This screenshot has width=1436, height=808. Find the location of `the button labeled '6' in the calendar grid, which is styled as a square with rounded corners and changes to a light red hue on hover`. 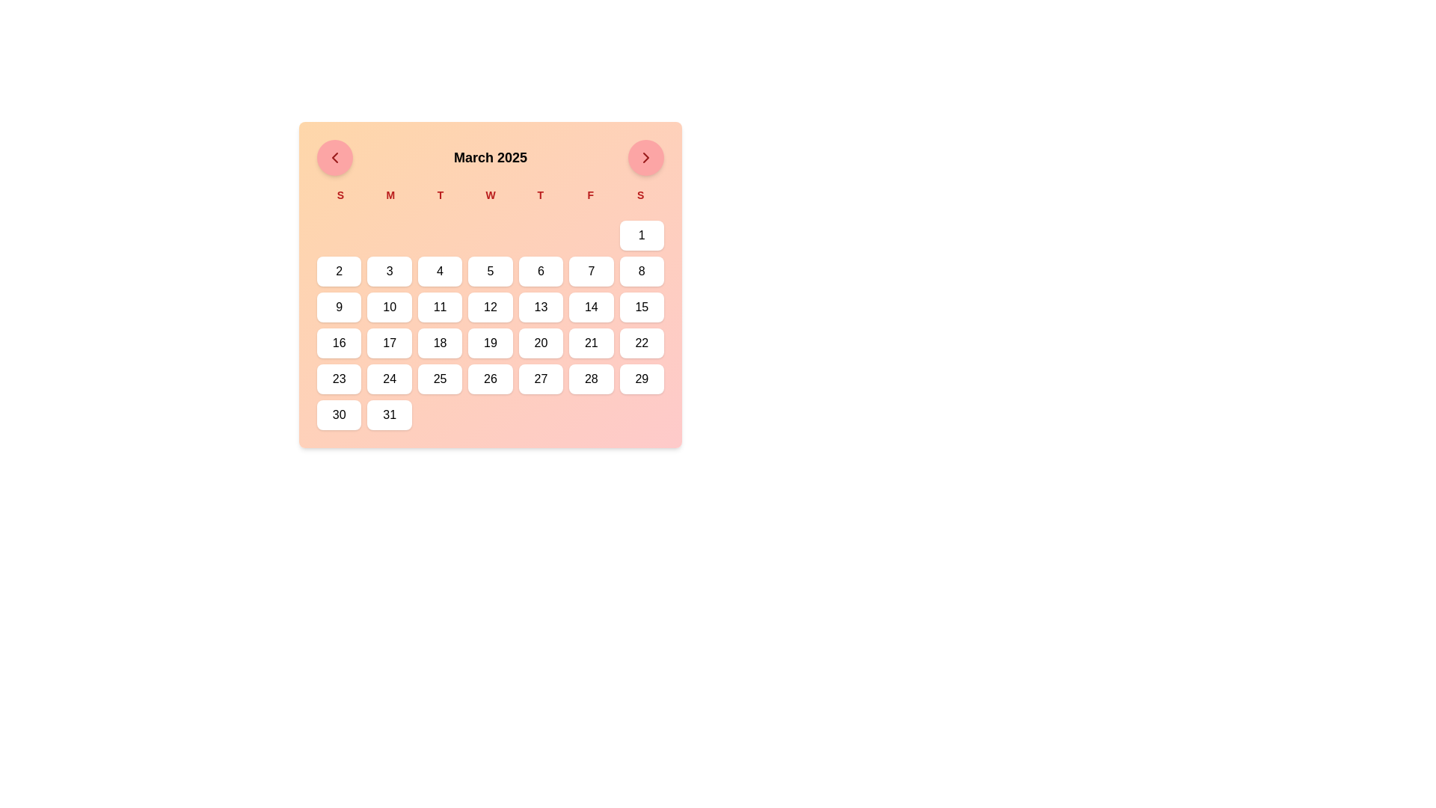

the button labeled '6' in the calendar grid, which is styled as a square with rounded corners and changes to a light red hue on hover is located at coordinates (540, 271).